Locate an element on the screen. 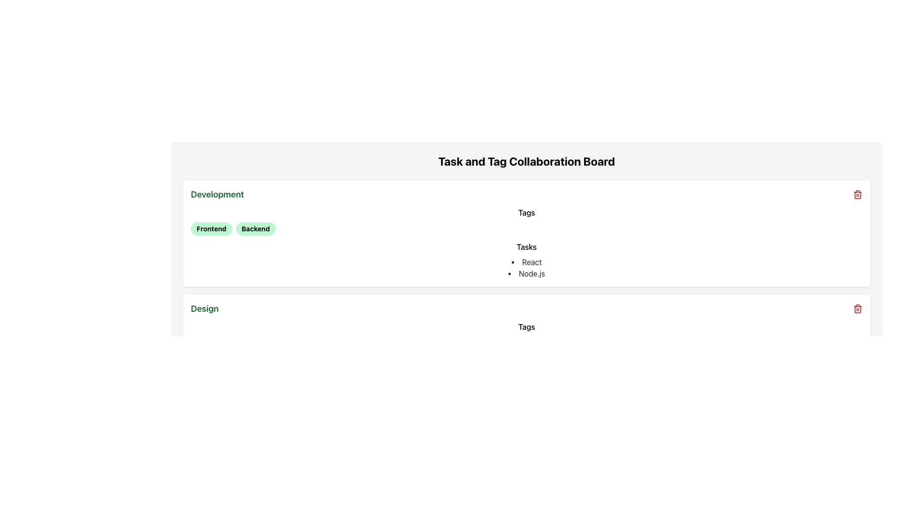 The height and width of the screenshot is (514, 914). the text label displaying 'Node.js', which is styled in gray and positioned below 'React' in a bulleted list under the 'Tasks' title in the Development section is located at coordinates (526, 273).